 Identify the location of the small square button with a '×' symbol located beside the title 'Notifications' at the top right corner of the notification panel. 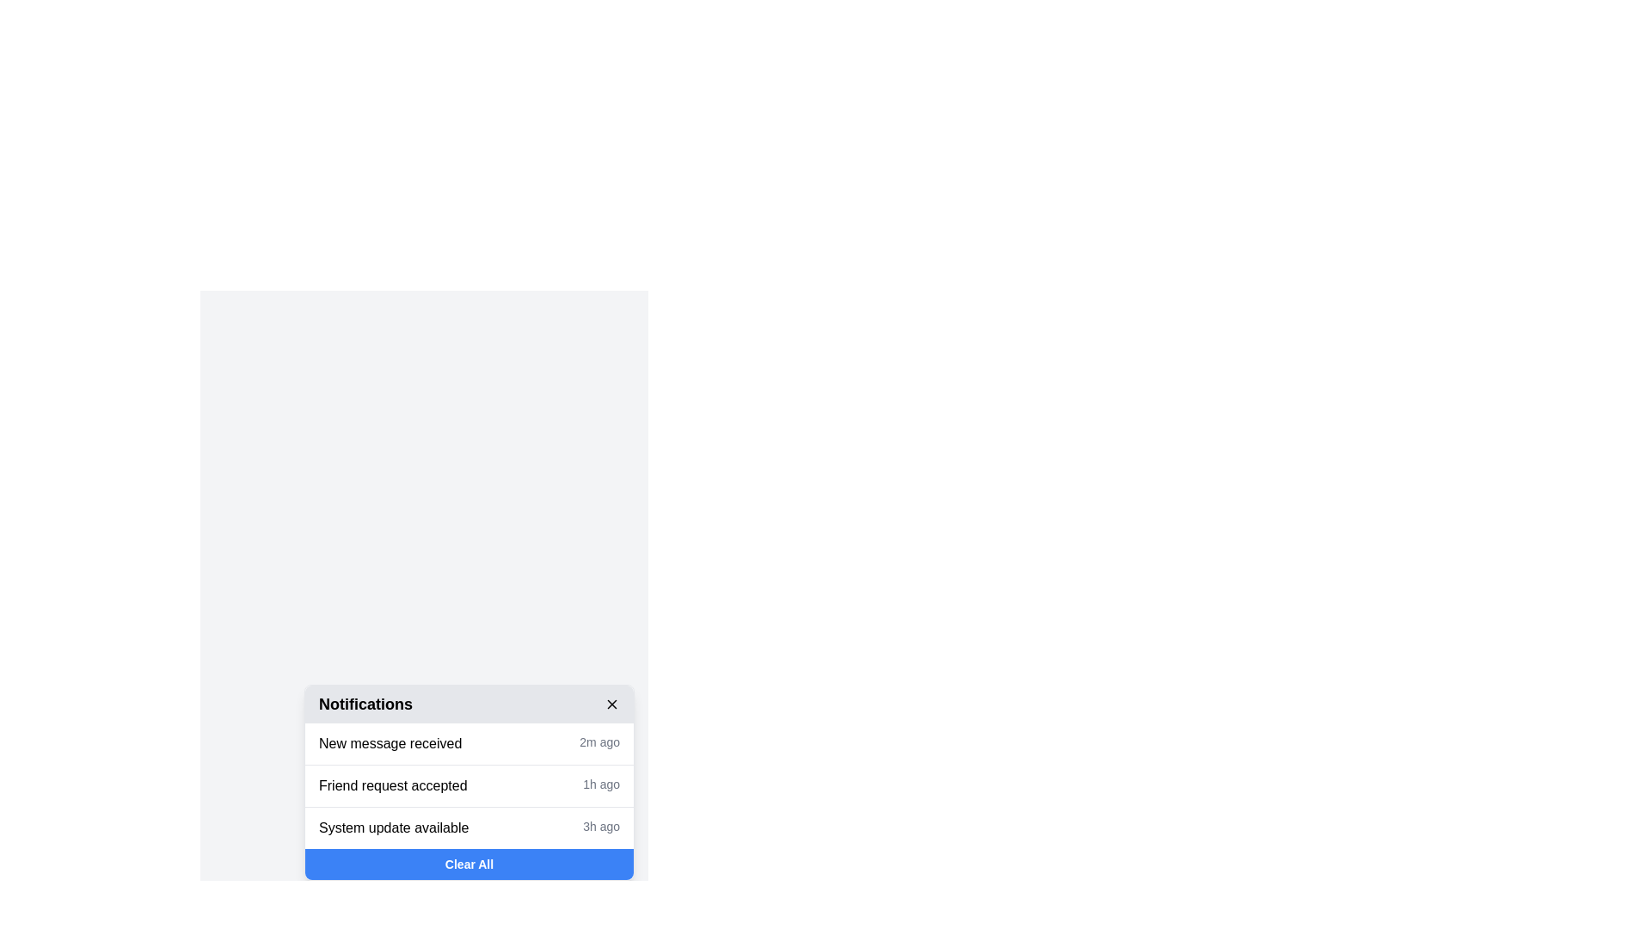
(611, 704).